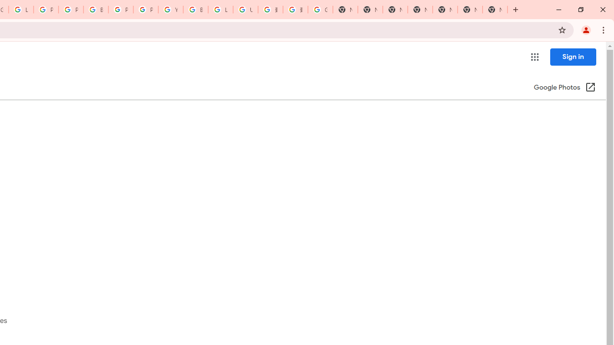  Describe the element at coordinates (320, 10) in the screenshot. I see `'Google Images'` at that location.